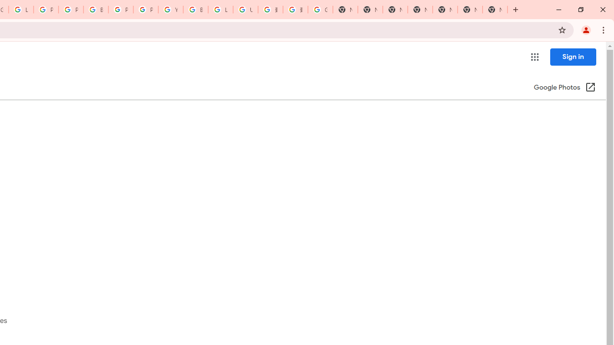  Describe the element at coordinates (320, 10) in the screenshot. I see `'Google Images'` at that location.